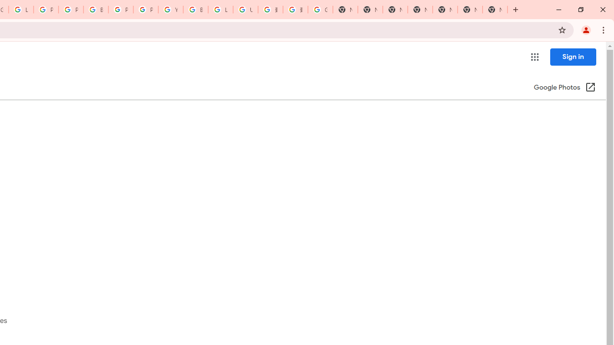  Describe the element at coordinates (320, 10) in the screenshot. I see `'Google Images'` at that location.